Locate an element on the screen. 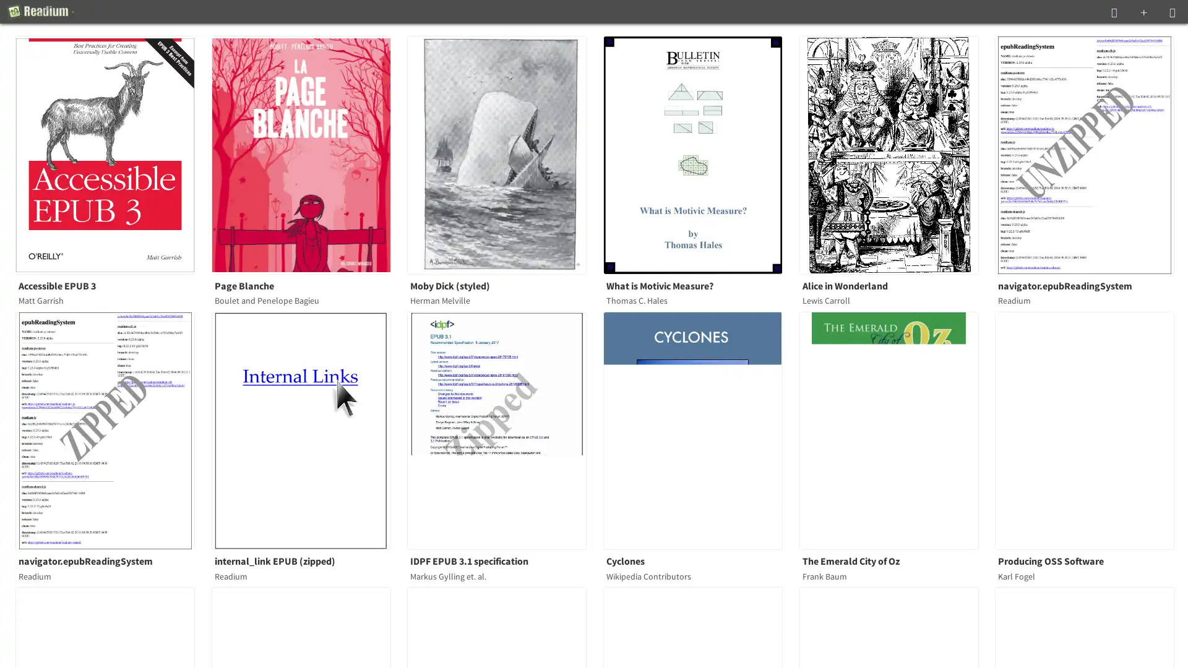  (3) Moby Dick (styled) is located at coordinates (504, 154).